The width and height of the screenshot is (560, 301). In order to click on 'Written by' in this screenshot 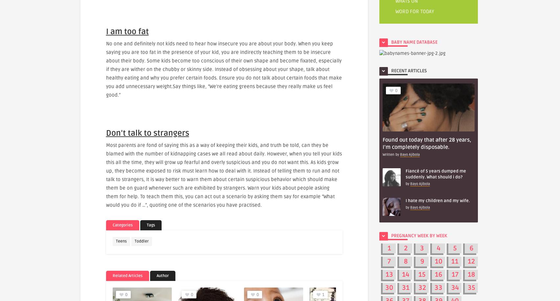, I will do `click(391, 154)`.